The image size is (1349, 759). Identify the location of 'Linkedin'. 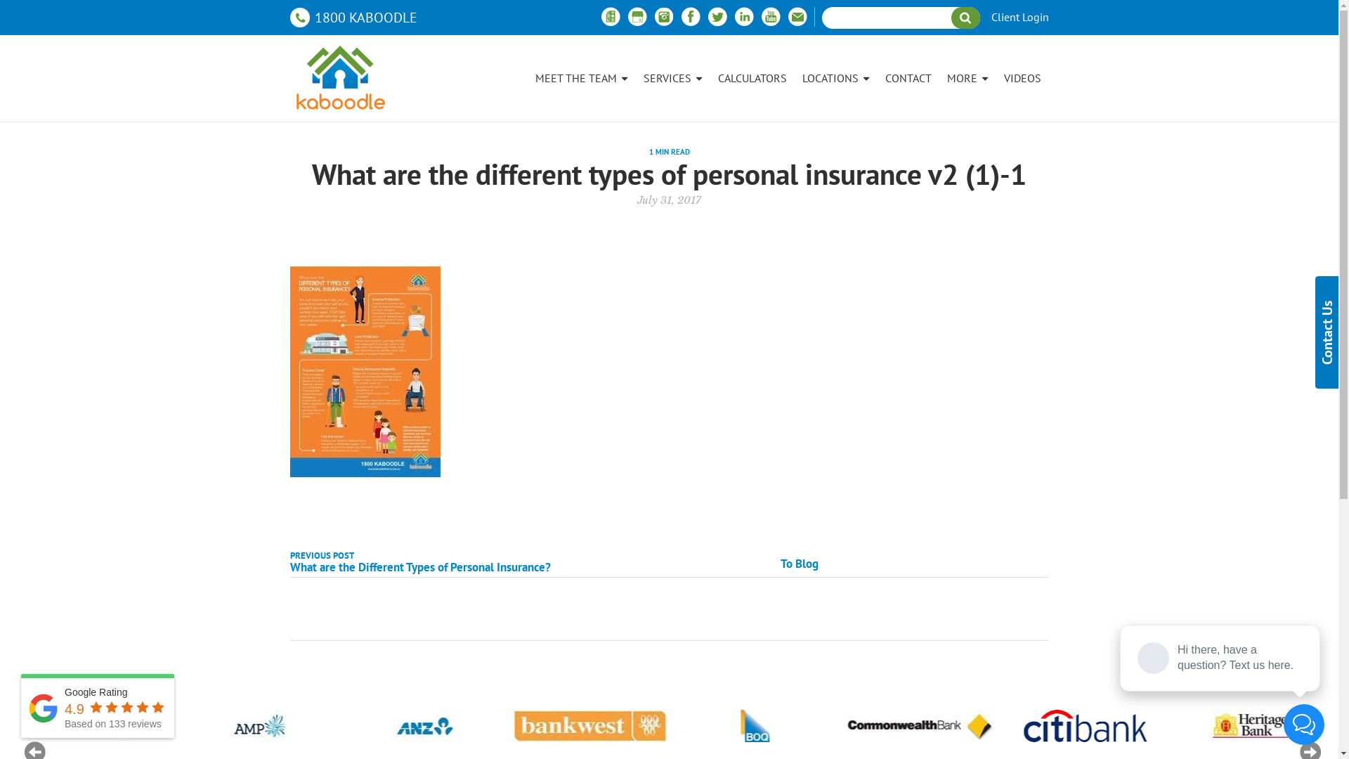
(732, 16).